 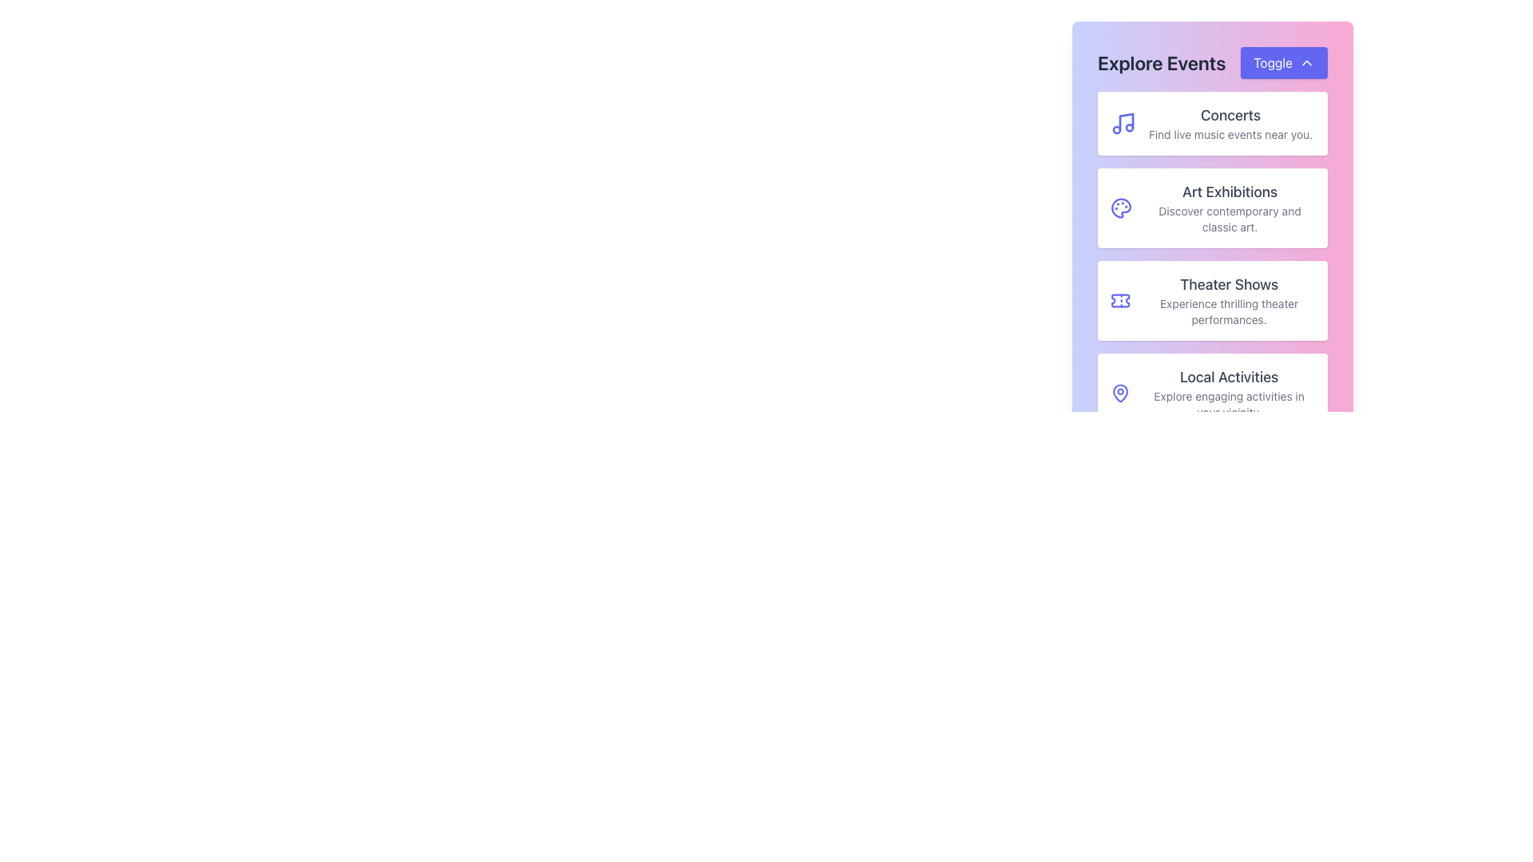 I want to click on the 'Art Exhibitions' card, which is the second card in a vertical stack of four cards styled with a white background and rounded corners, so click(x=1212, y=206).